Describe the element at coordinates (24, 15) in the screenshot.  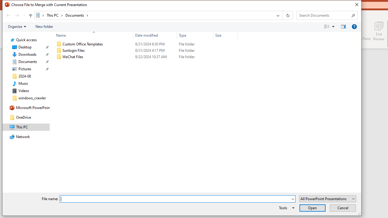
I see `'Recent locations'` at that location.